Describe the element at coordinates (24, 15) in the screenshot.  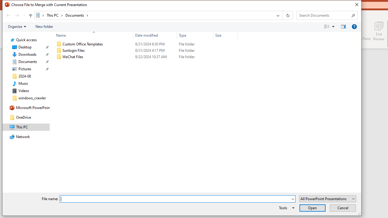
I see `'Recent locations'` at that location.